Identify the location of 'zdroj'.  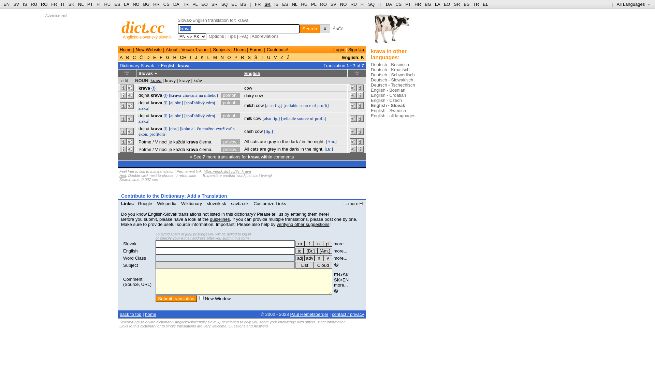
(210, 115).